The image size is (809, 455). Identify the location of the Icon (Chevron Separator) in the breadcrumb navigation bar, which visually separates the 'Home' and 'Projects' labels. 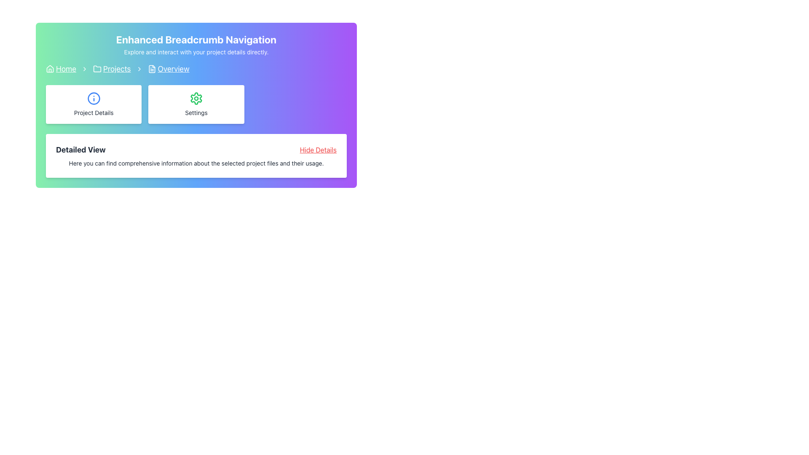
(85, 69).